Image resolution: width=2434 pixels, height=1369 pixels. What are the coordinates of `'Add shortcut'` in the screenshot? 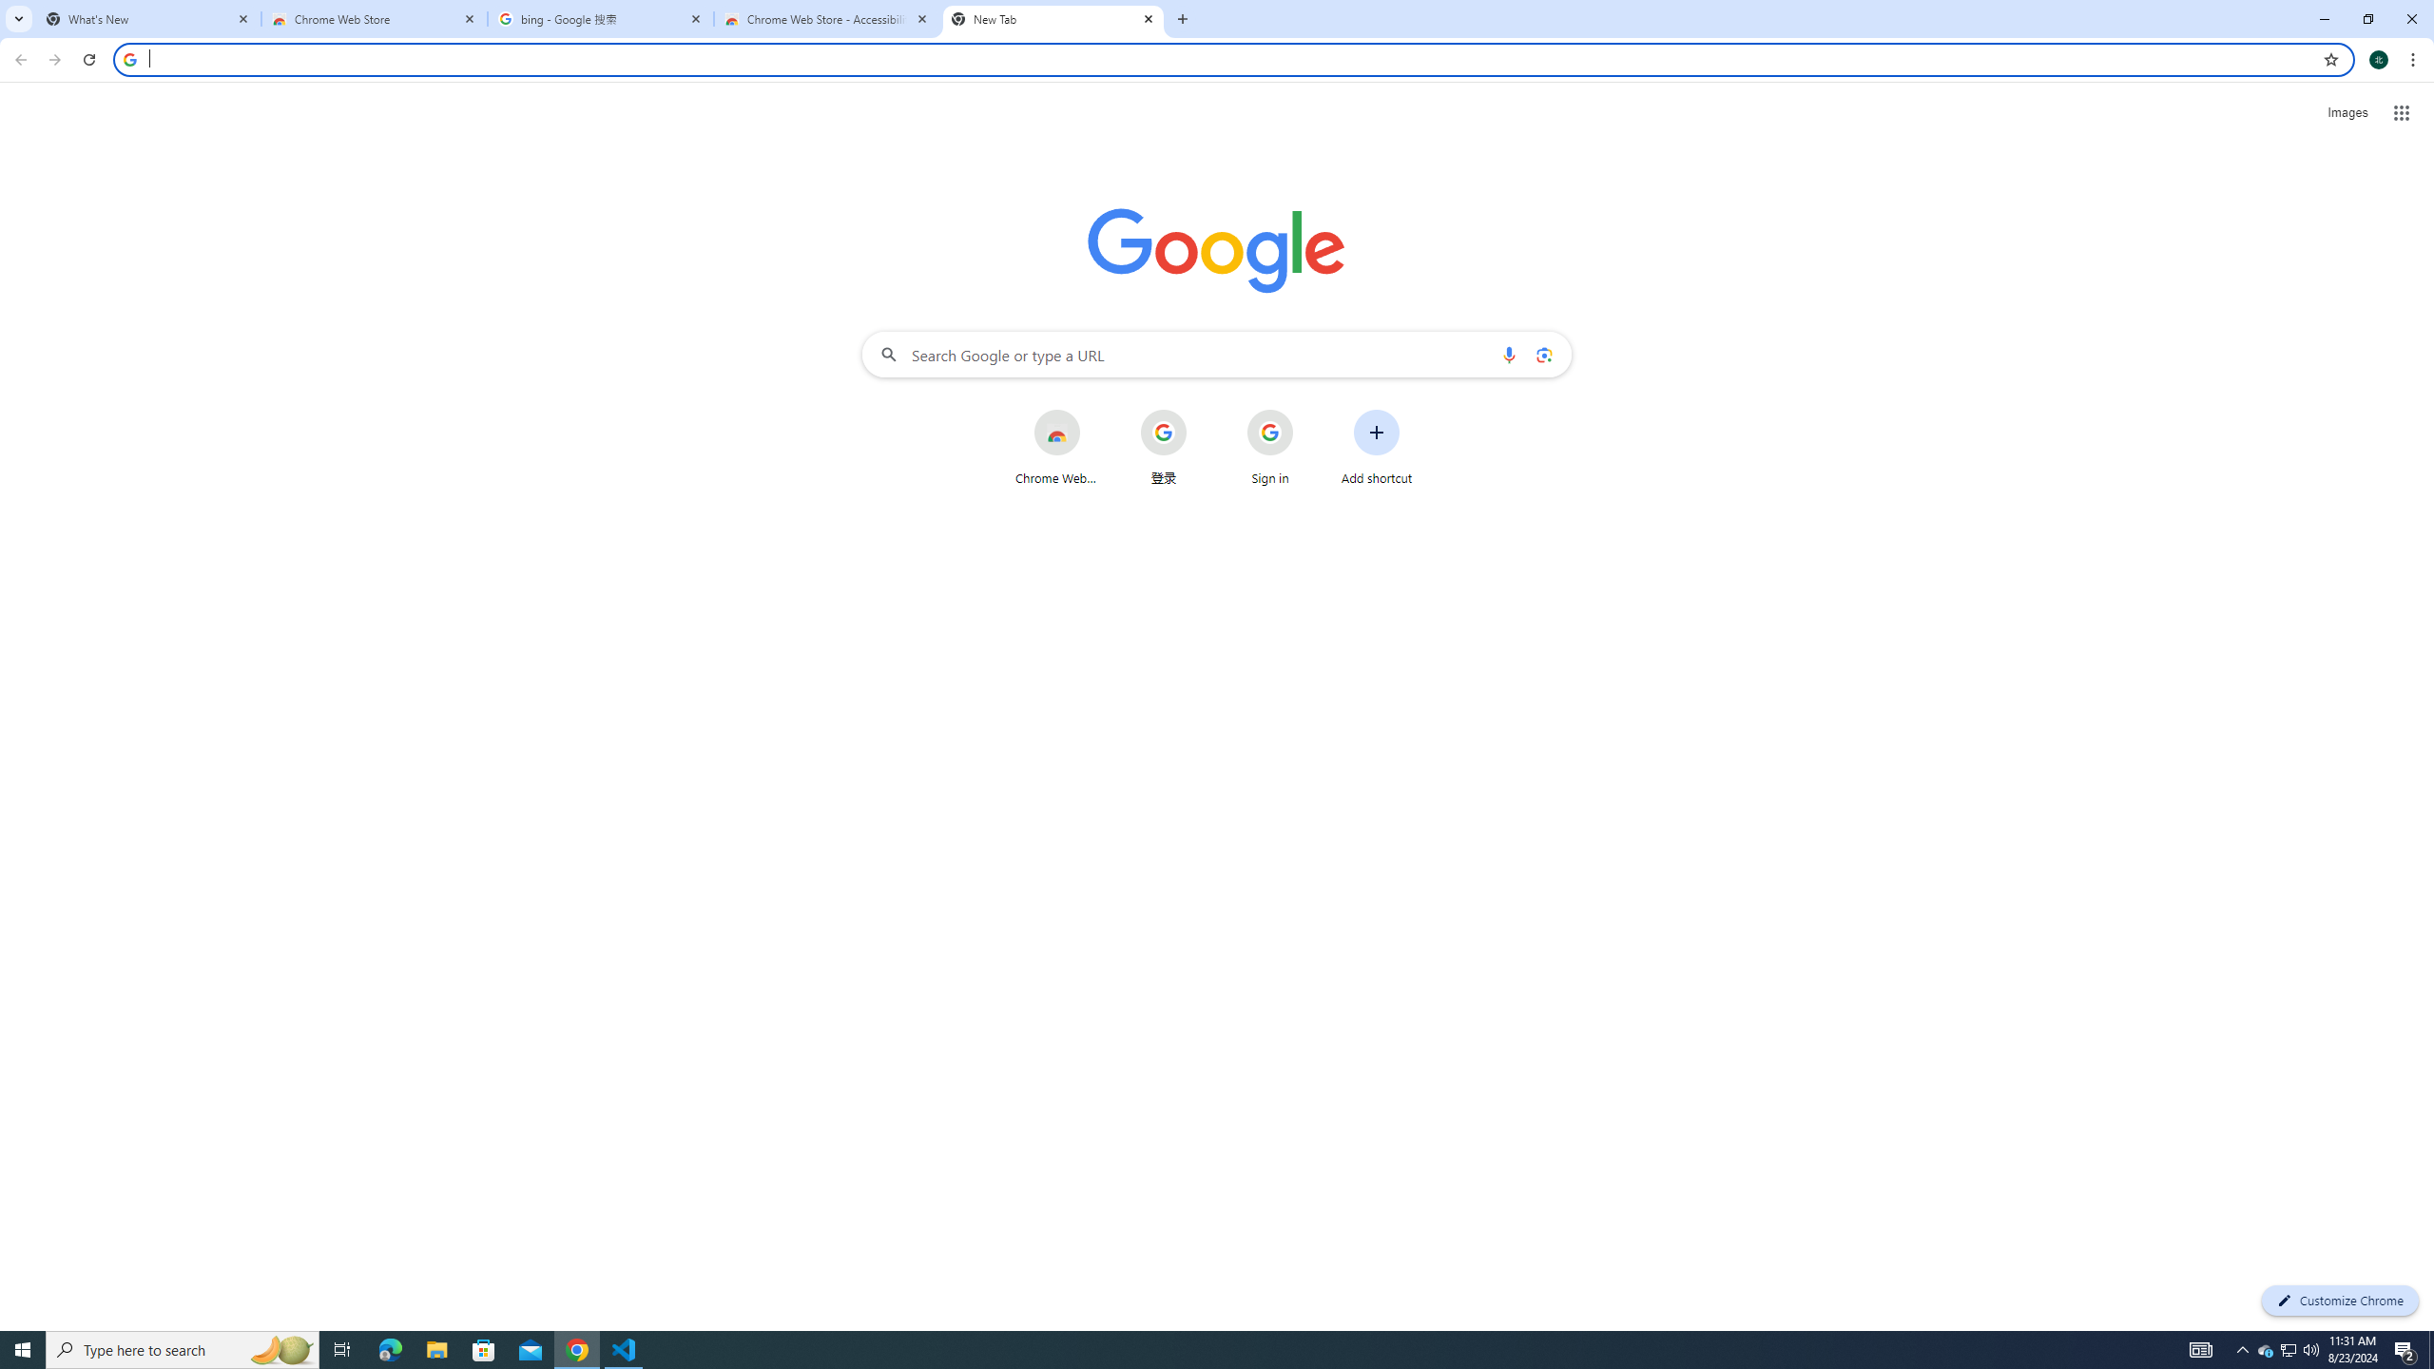 It's located at (1376, 447).